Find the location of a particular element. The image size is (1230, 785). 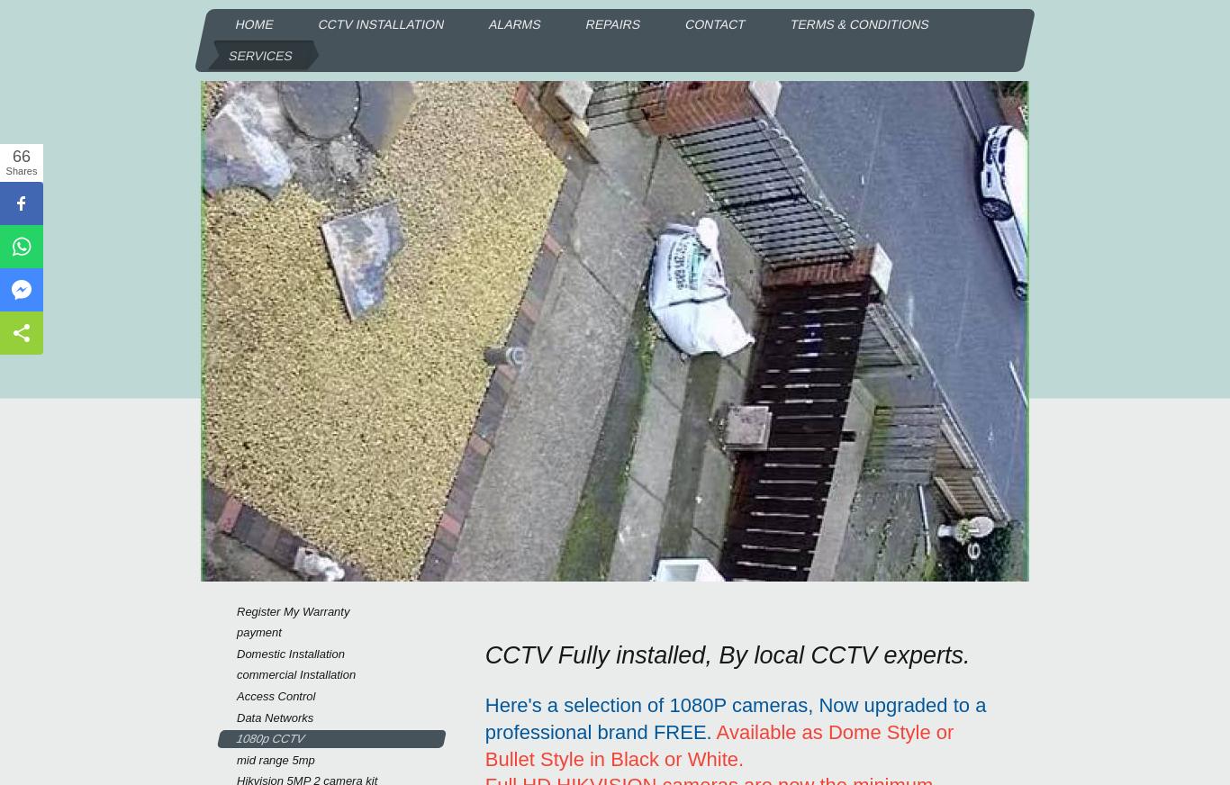

'Register My Warranty' is located at coordinates (293, 609).